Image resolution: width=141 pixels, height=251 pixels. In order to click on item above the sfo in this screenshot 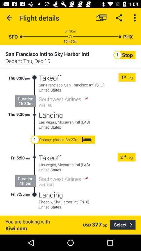, I will do `click(9, 18)`.